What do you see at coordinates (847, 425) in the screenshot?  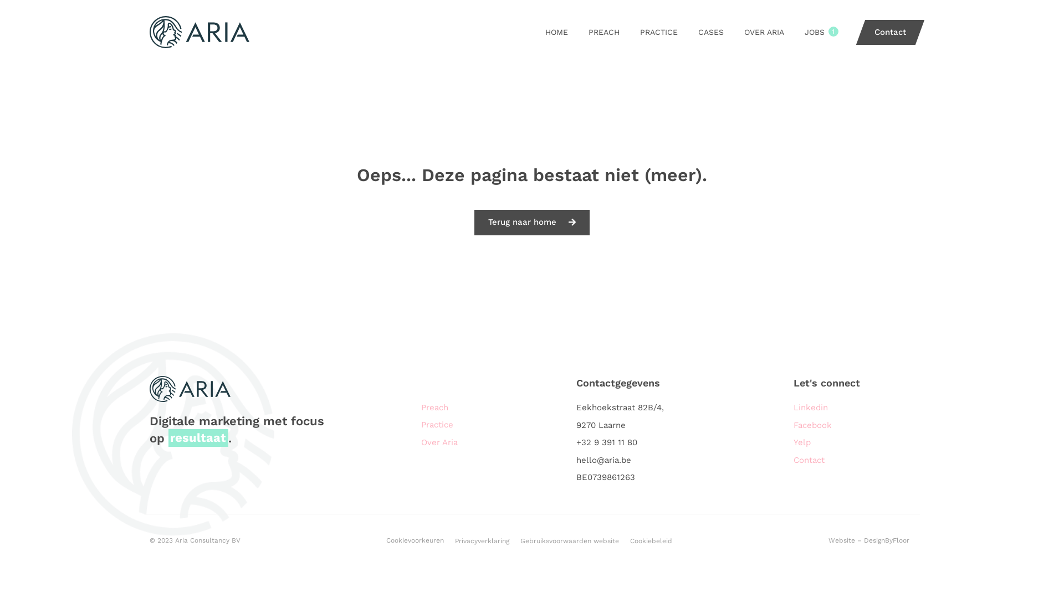 I see `'Facebook'` at bounding box center [847, 425].